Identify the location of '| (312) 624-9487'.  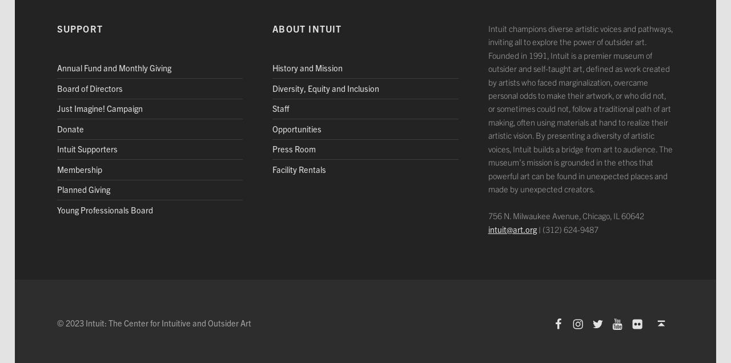
(536, 228).